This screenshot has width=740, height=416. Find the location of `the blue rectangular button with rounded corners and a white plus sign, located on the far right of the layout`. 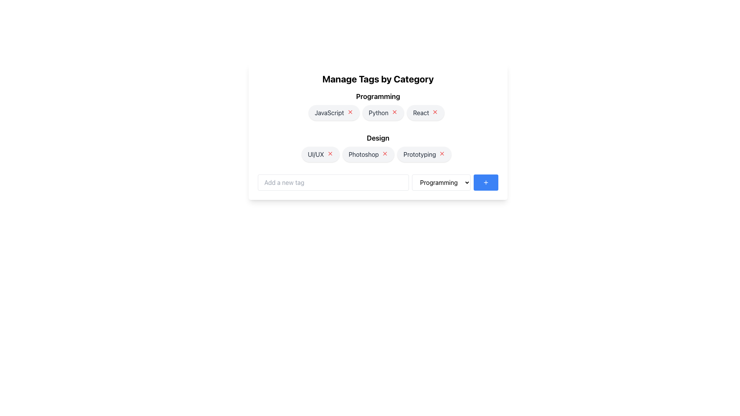

the blue rectangular button with rounded corners and a white plus sign, located on the far right of the layout is located at coordinates (486, 183).